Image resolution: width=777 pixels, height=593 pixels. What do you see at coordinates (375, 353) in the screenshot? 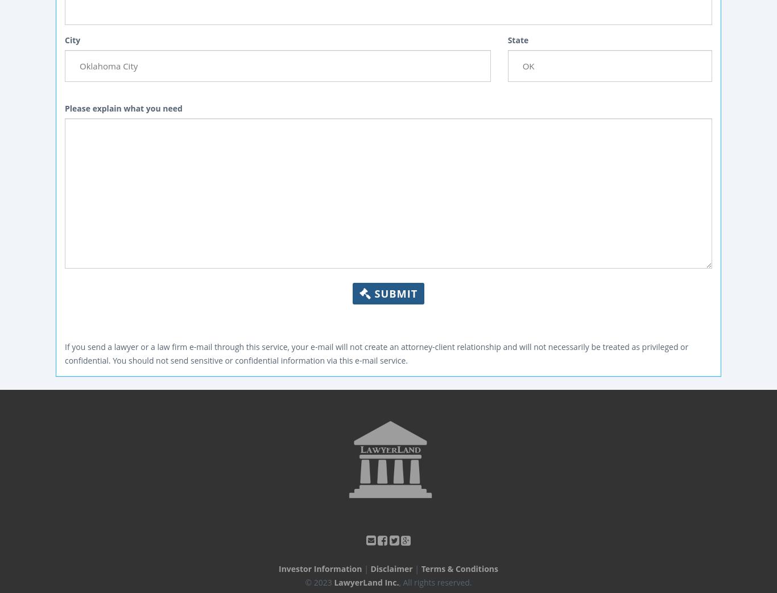
I see `'If you send a lawyer or a law firm e-mail through this service, your e-mail will not create an attorney-client relationship and will not necessarily be treated as privileged or confidential. You should not send sensitive or confidential information via this e-mail service.'` at bounding box center [375, 353].